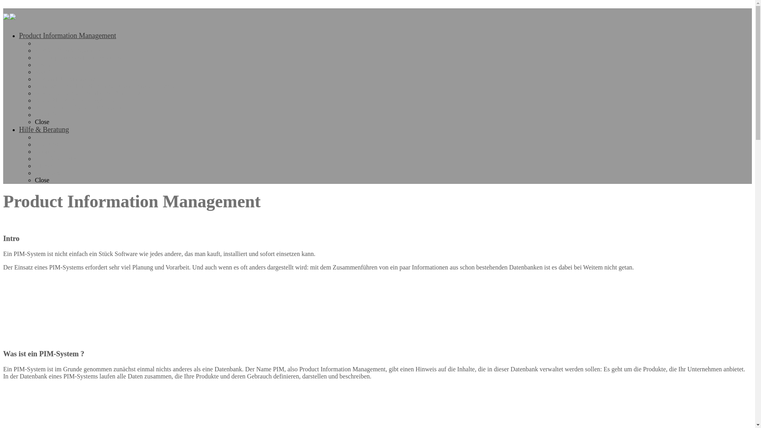 The image size is (761, 428). Describe the element at coordinates (74, 100) in the screenshot. I see `'Auswahl des richtigen Systems'` at that location.